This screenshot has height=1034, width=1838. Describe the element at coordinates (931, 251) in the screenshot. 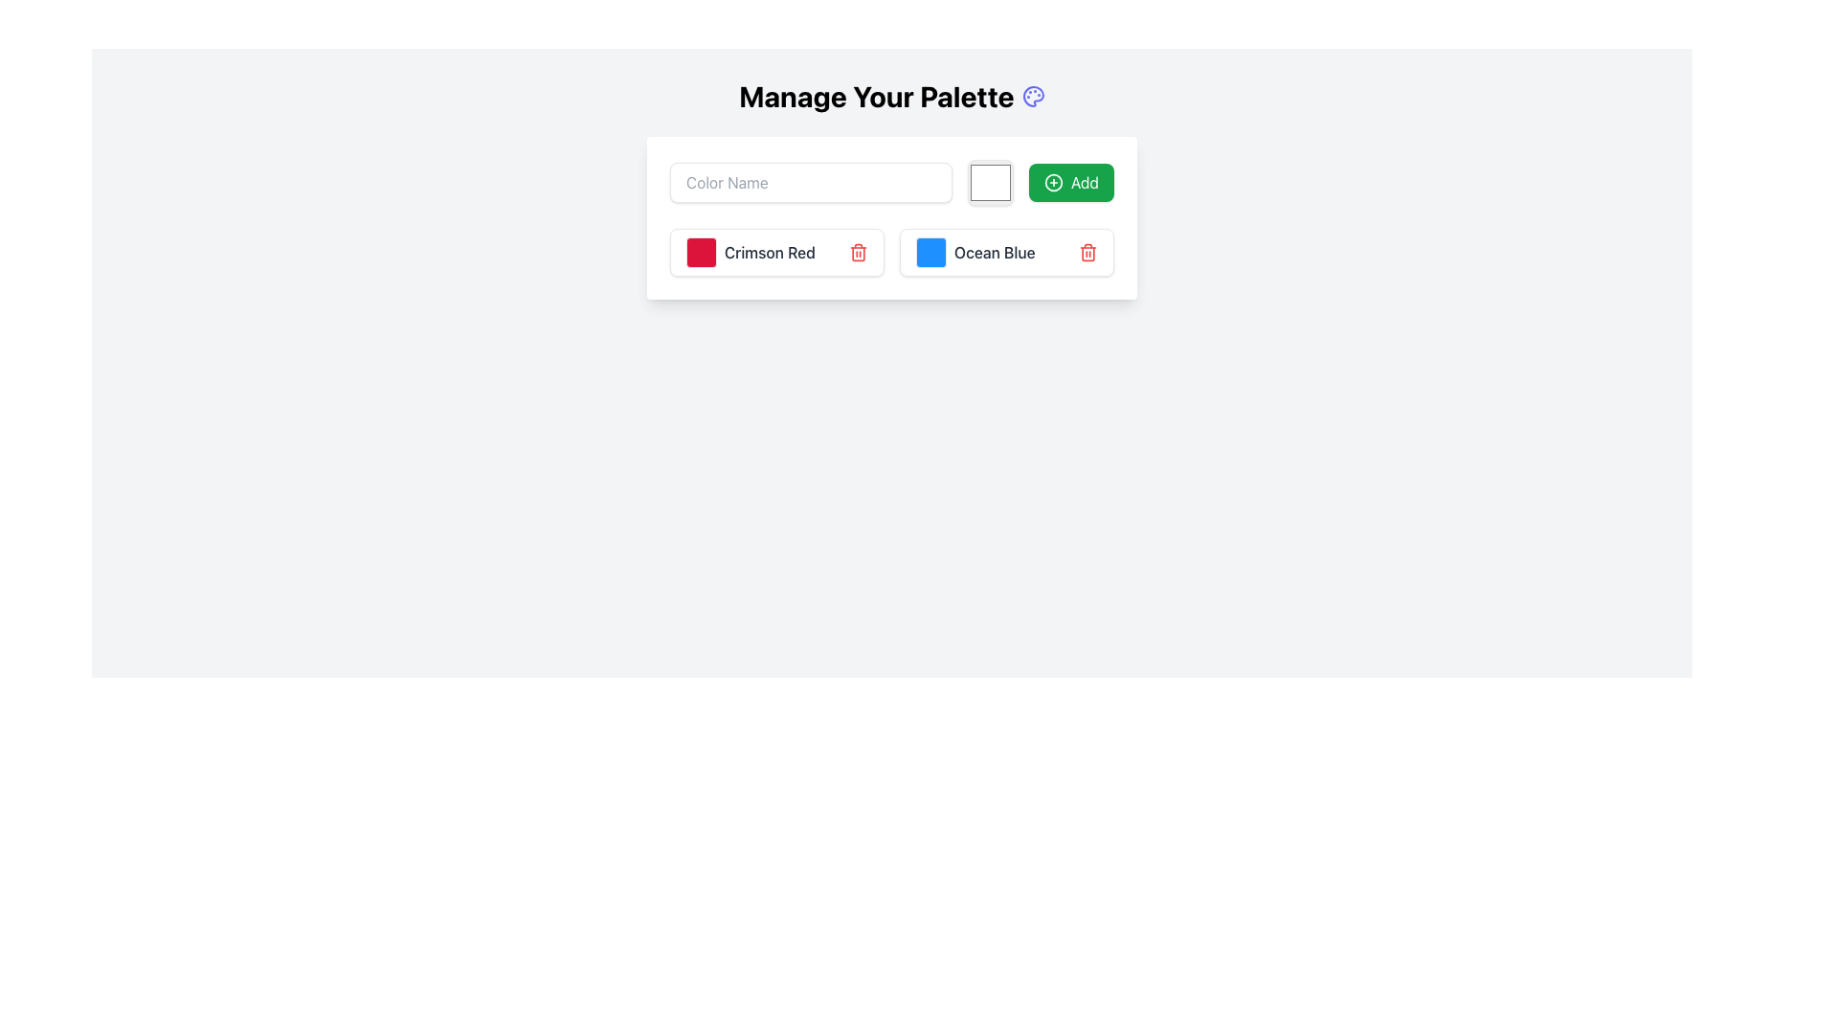

I see `the color representation of the Color indicator box for 'Ocean Blue', which is visually represented as a square box located to the left of the text label 'Ocean Blue'` at that location.